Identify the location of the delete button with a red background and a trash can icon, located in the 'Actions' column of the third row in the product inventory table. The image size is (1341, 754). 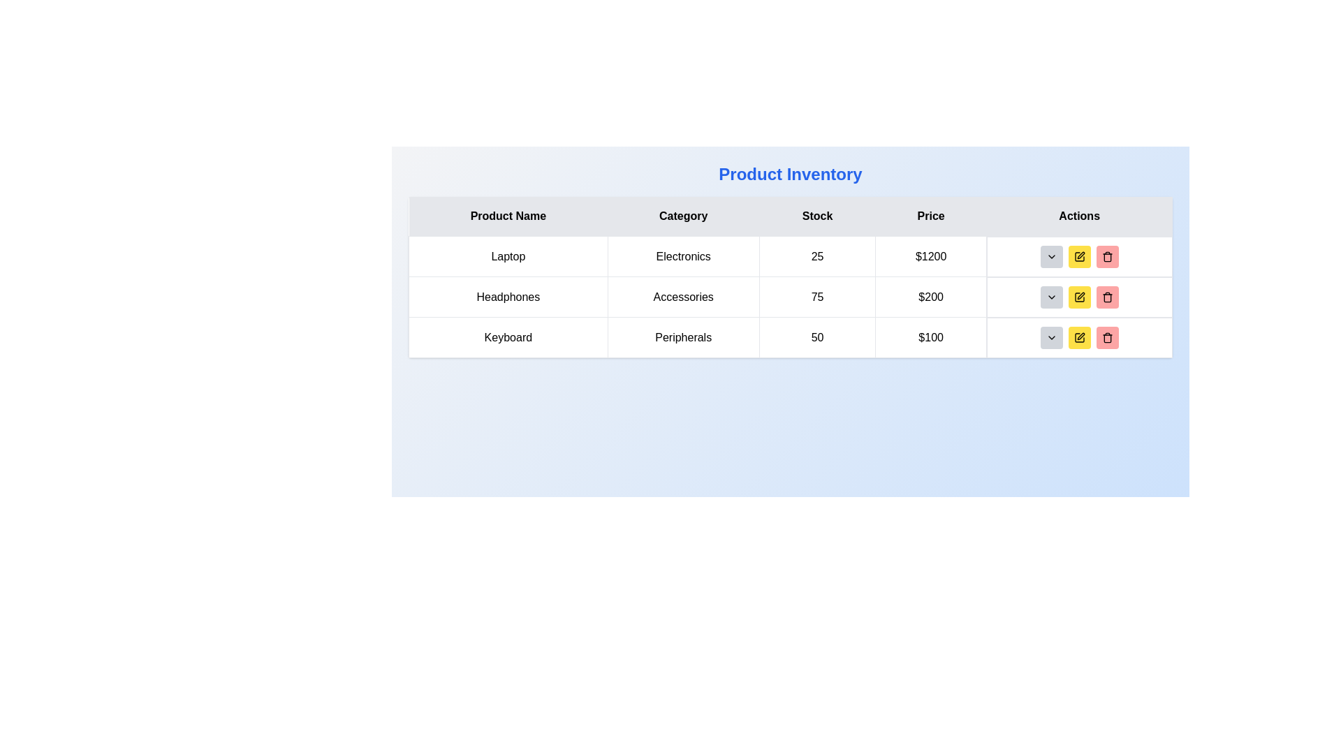
(1106, 337).